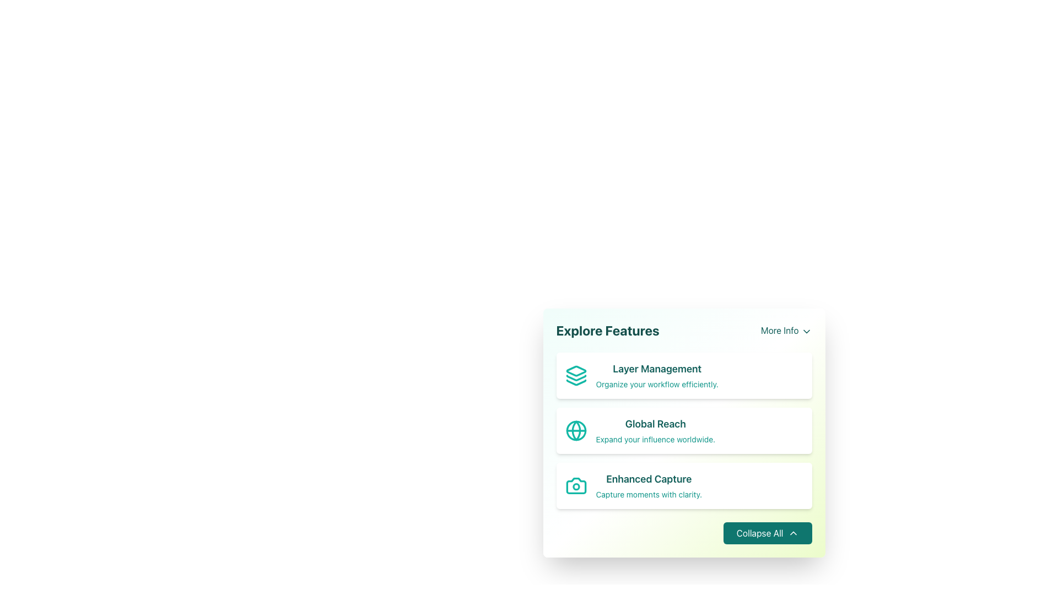 The image size is (1058, 595). Describe the element at coordinates (655, 439) in the screenshot. I see `the descriptive text label explaining the 'Global Reach' feature, located in the lower text section of the 'Global Reach' card, under the title 'Global Reach'` at that location.